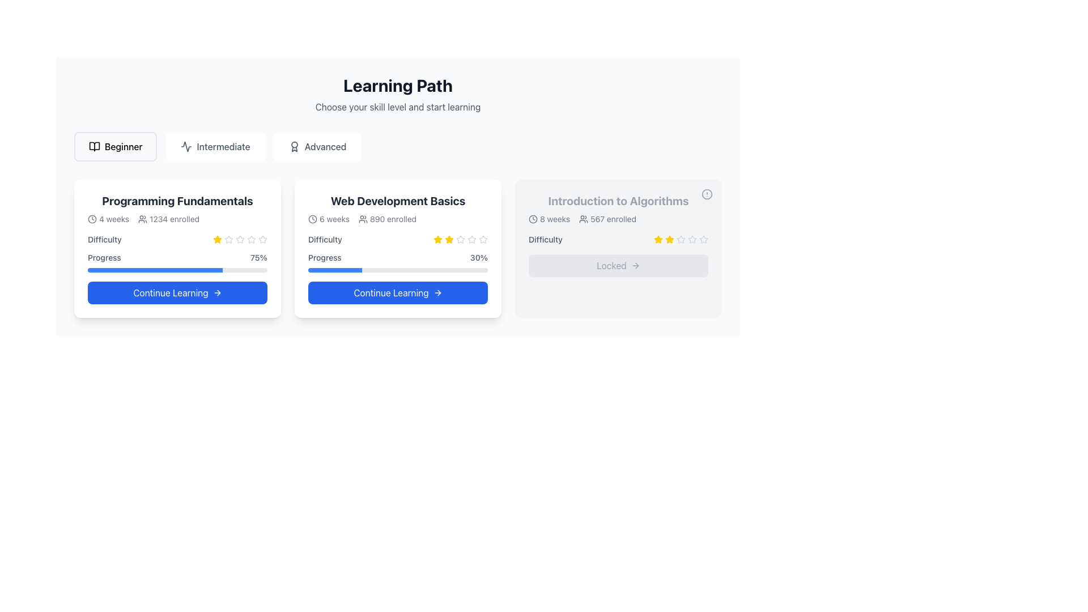 This screenshot has height=612, width=1088. I want to click on the Progress bar fill element indicating 30% progress within the 'Web Development Basics' card, located below the 'Progress' text and above the 'Continue Learning' button, so click(334, 270).